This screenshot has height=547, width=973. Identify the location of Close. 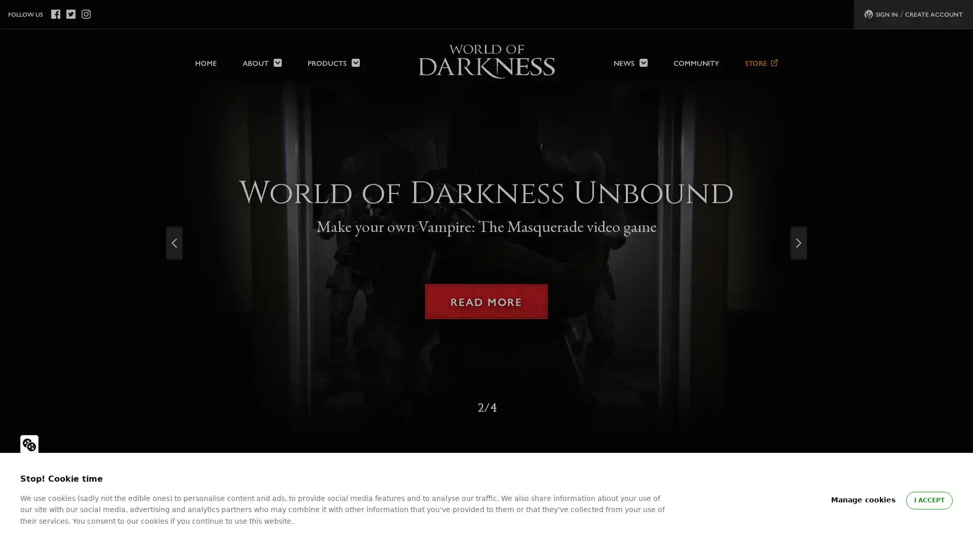
(953, 19).